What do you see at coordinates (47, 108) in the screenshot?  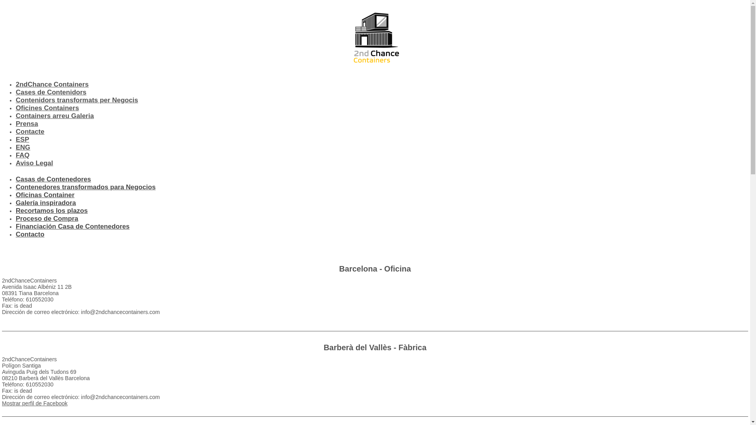 I see `'Oficines Containers'` at bounding box center [47, 108].